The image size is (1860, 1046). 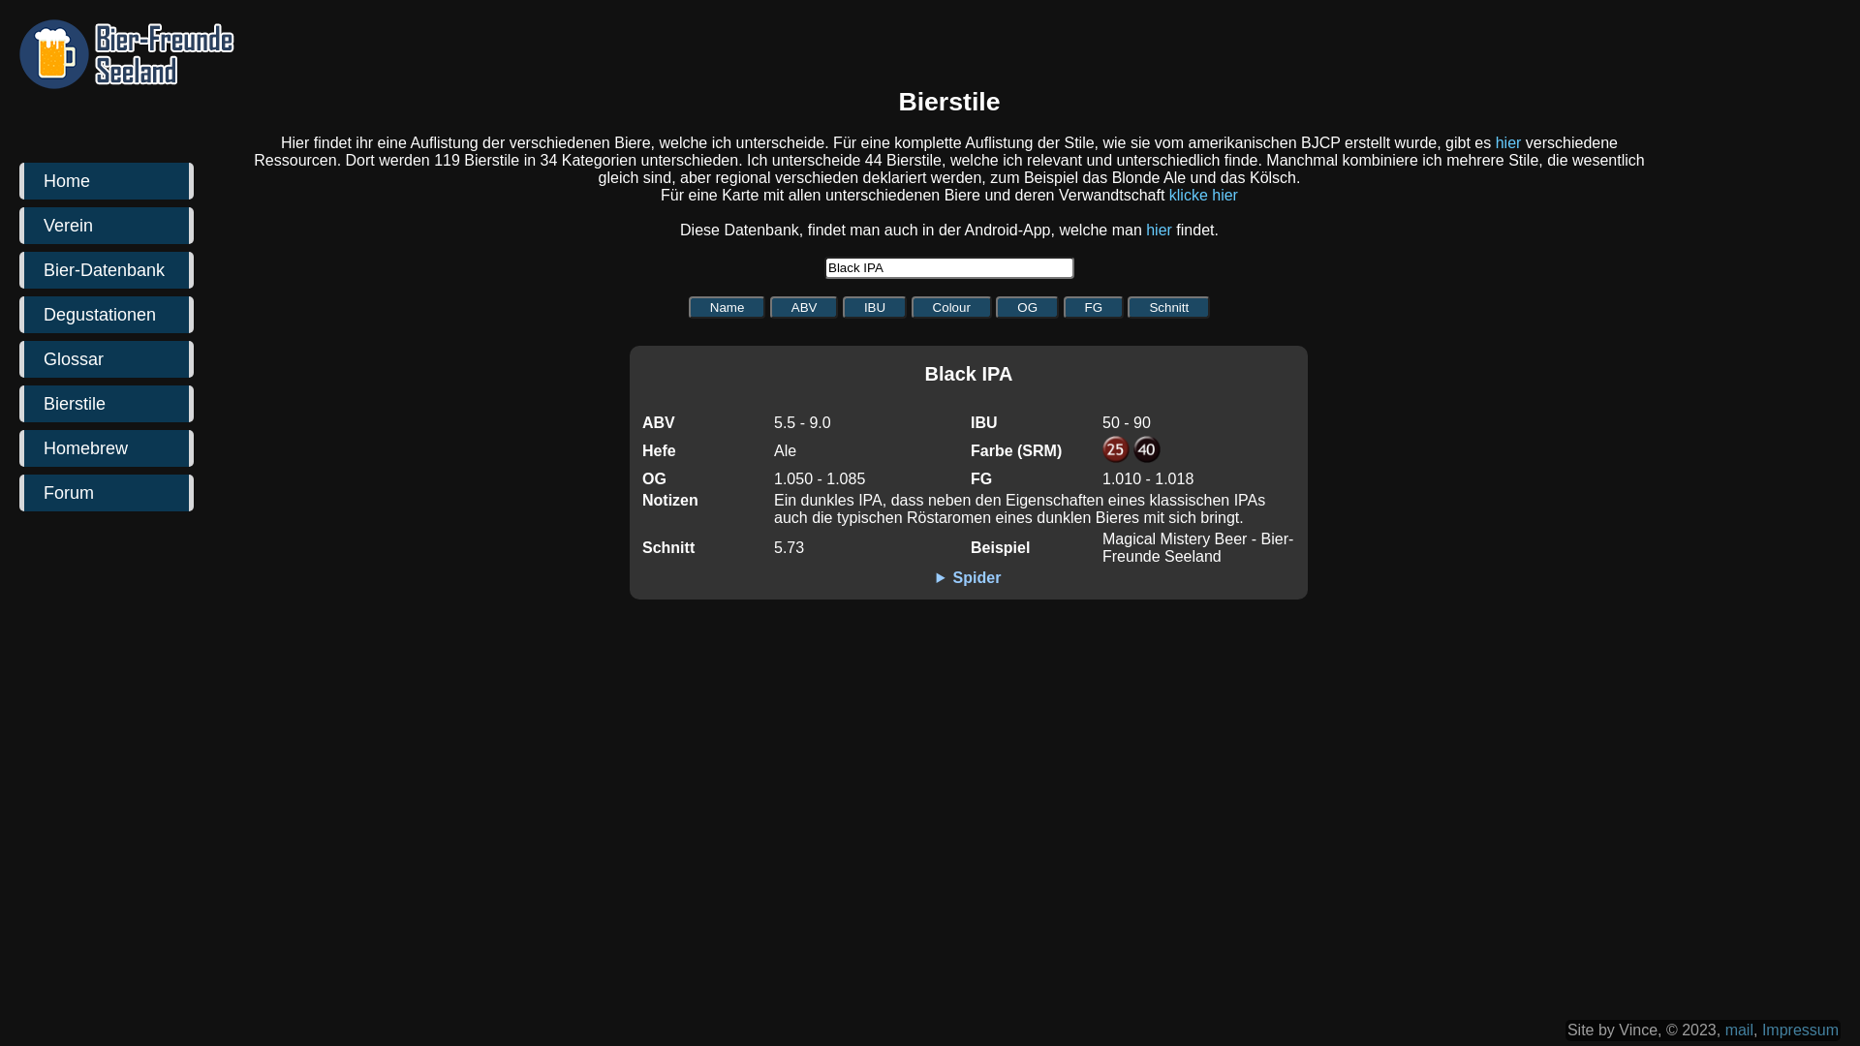 I want to click on 'Degustationen', so click(x=106, y=313).